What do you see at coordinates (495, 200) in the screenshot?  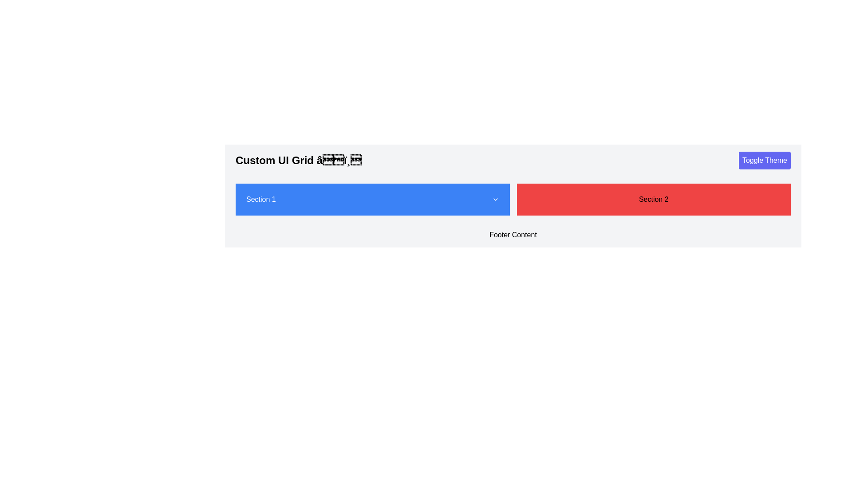 I see `the Chevron Down icon located at the far-right end of the blue section labeled 'Section 1'` at bounding box center [495, 200].